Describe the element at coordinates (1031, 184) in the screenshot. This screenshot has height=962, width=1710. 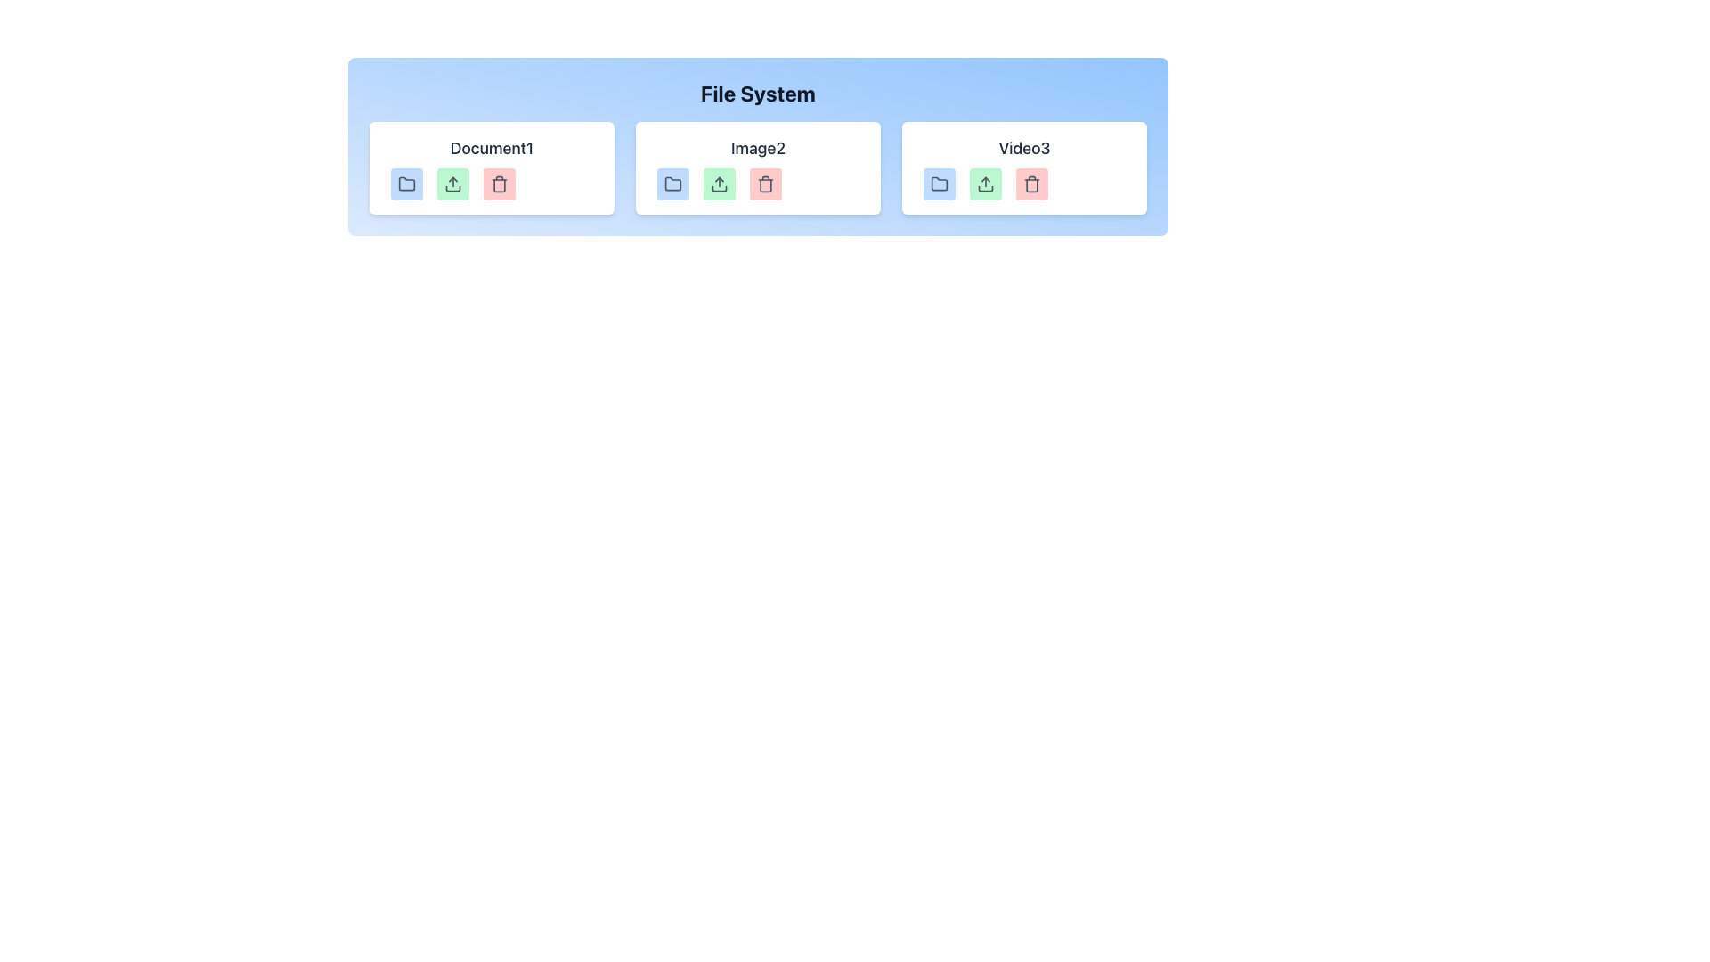
I see `the small red delete button with a trash bin icon located at the far right of the action buttons in the 'Video3' card` at that location.